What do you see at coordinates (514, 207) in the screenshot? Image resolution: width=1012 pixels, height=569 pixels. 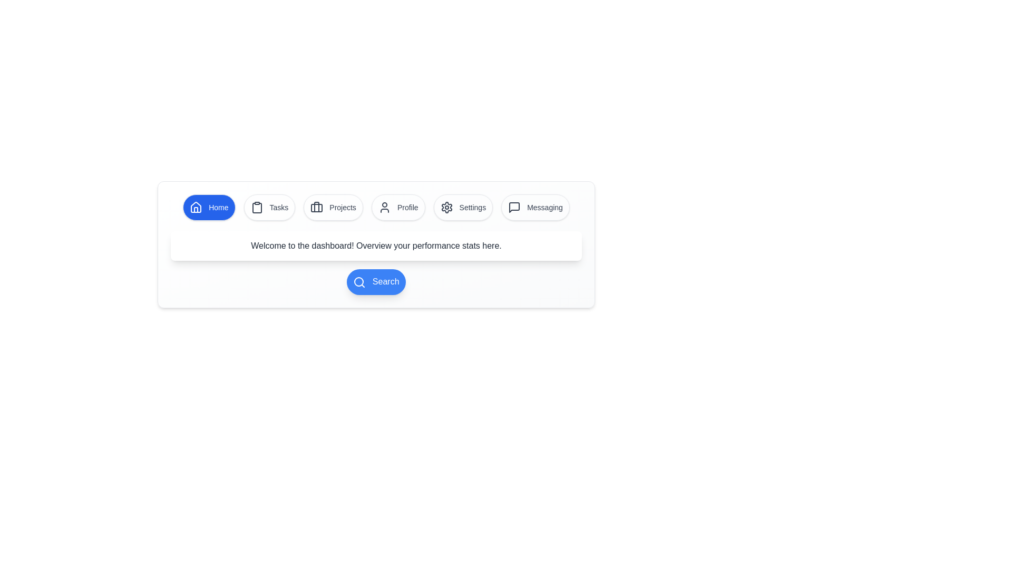 I see `the chat bubble icon located at the far right of the navigation bar` at bounding box center [514, 207].